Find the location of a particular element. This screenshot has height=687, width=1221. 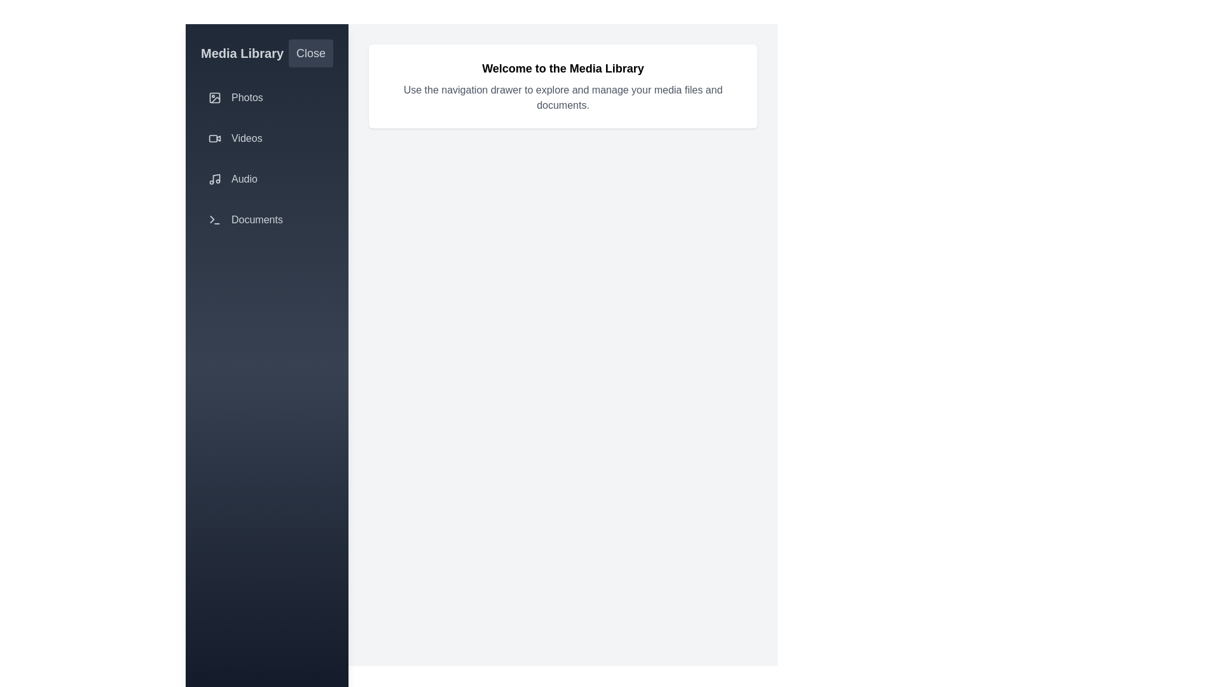

the navigation item corresponding to Videos is located at coordinates (266, 139).